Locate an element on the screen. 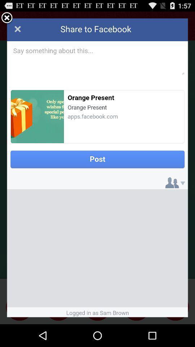  the icon at the center is located at coordinates (97, 168).